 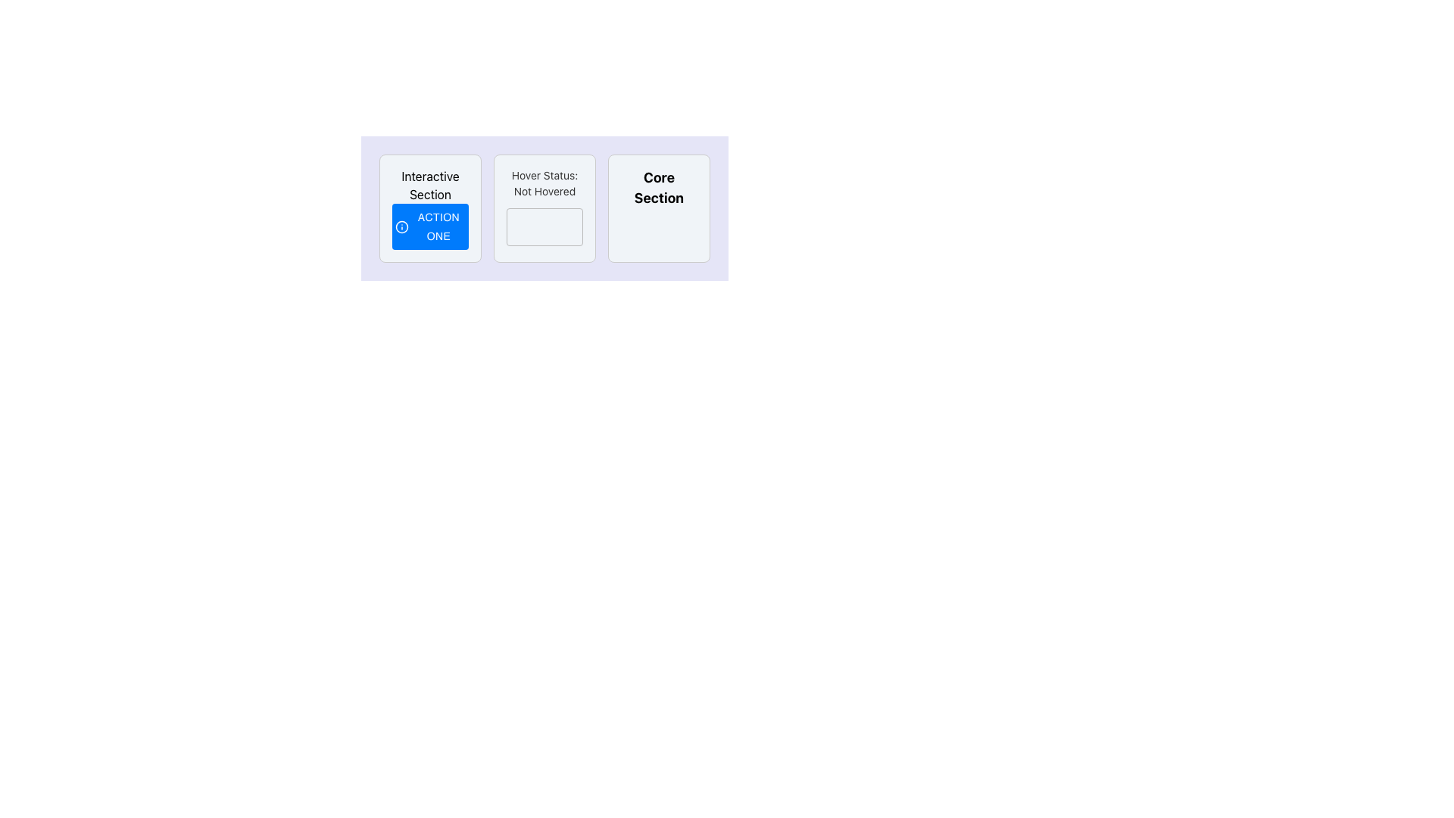 What do you see at coordinates (544, 208) in the screenshot?
I see `the Informational panel displaying 'Hover Status: Not Hovered', located in the middle column between 'Interactive Section' and 'Core Section'` at bounding box center [544, 208].